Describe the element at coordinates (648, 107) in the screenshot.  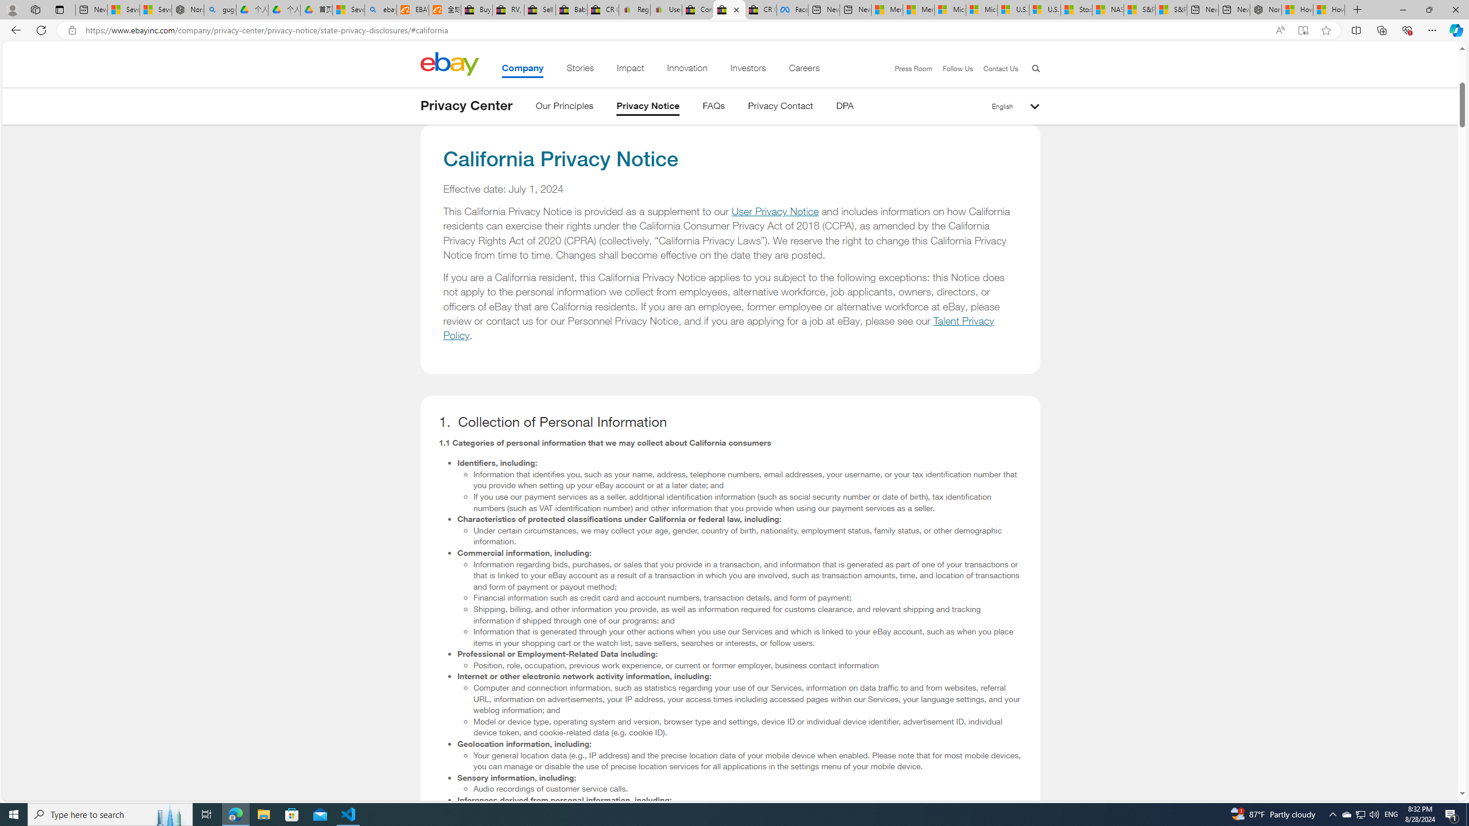
I see `'Privacy Notice'` at that location.